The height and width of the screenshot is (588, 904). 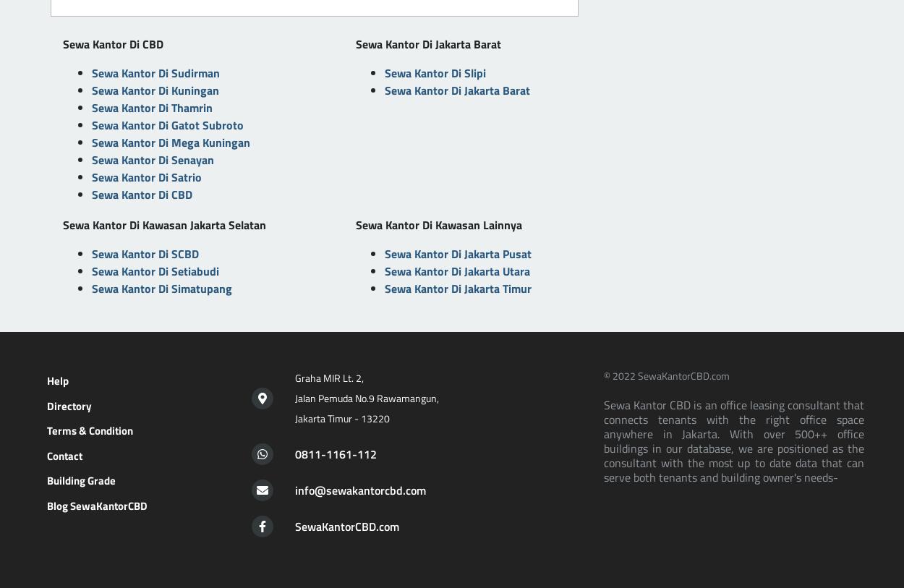 I want to click on 'Building Grade', so click(x=80, y=480).